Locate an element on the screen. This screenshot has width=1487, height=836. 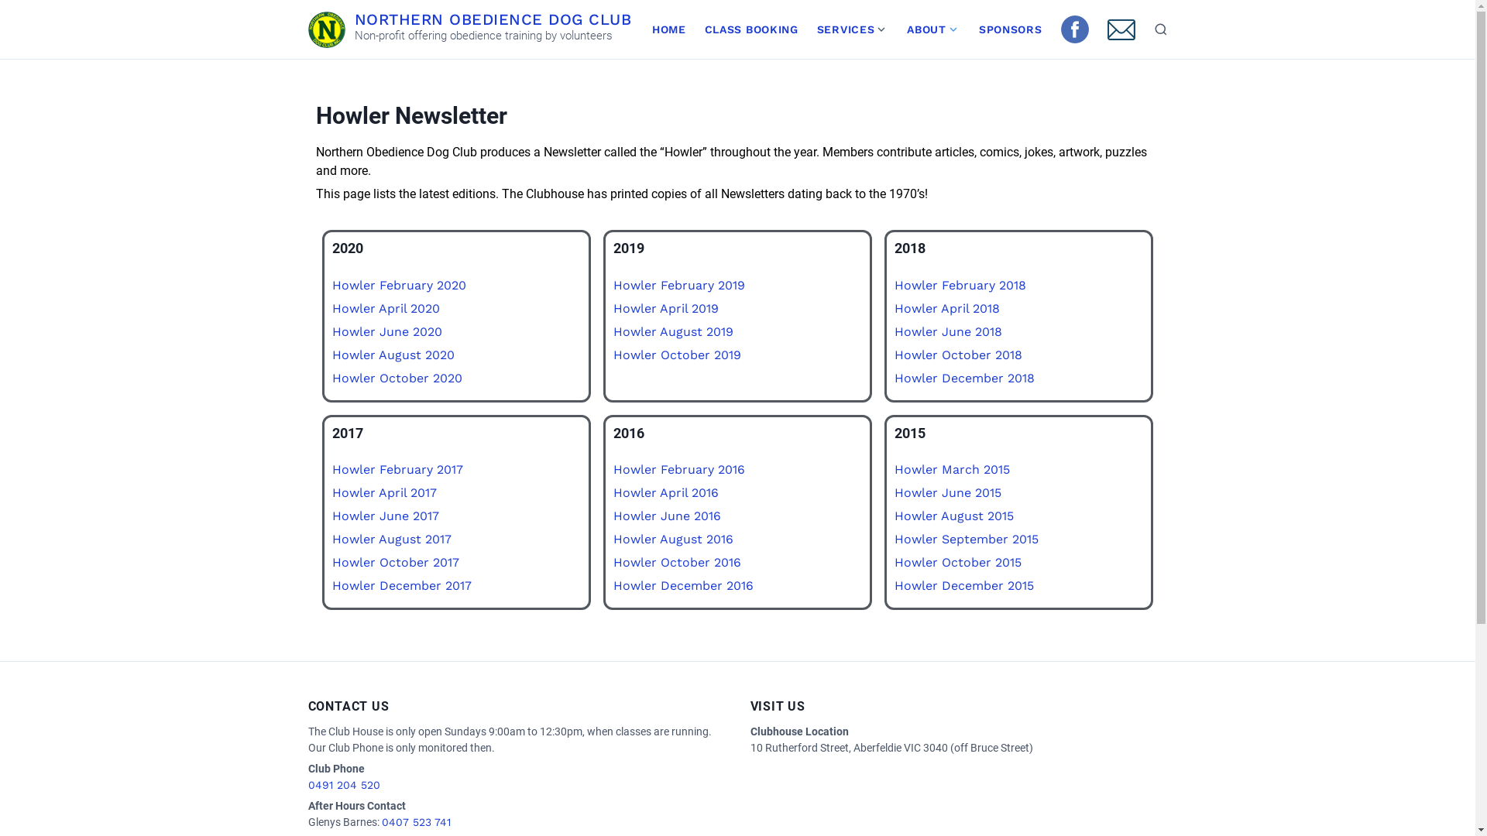
'Howler April 2020' is located at coordinates (330, 307).